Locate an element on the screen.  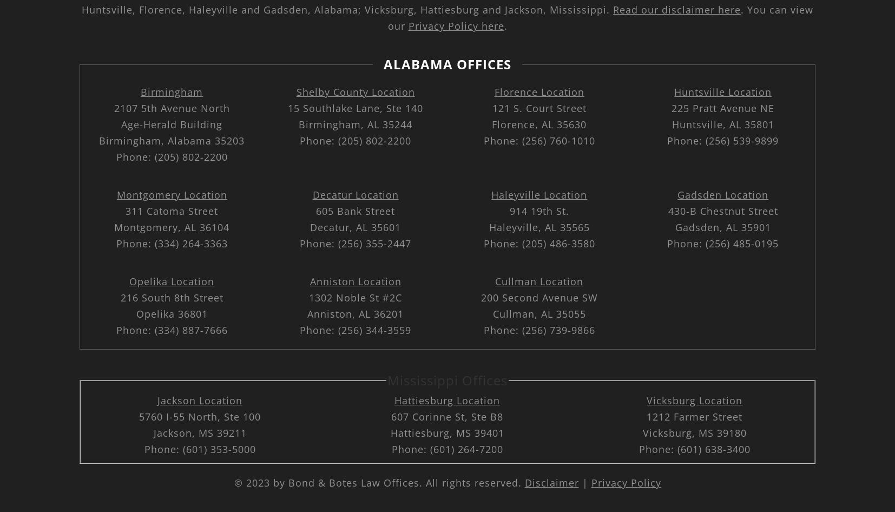
'430-B Chestnut Street' is located at coordinates (722, 211).